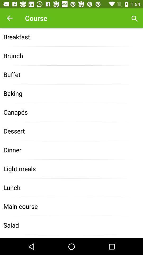  What do you see at coordinates (71, 169) in the screenshot?
I see `light meals` at bounding box center [71, 169].